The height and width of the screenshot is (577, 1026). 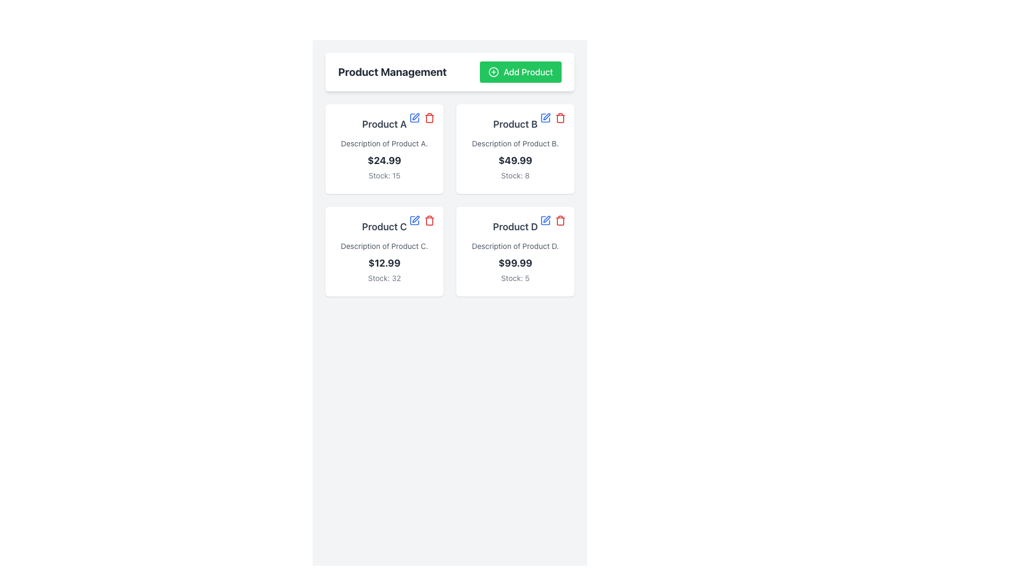 I want to click on the Text Display element that reads 'Description of Product C.' located under the heading 'Product C', so click(x=384, y=246).